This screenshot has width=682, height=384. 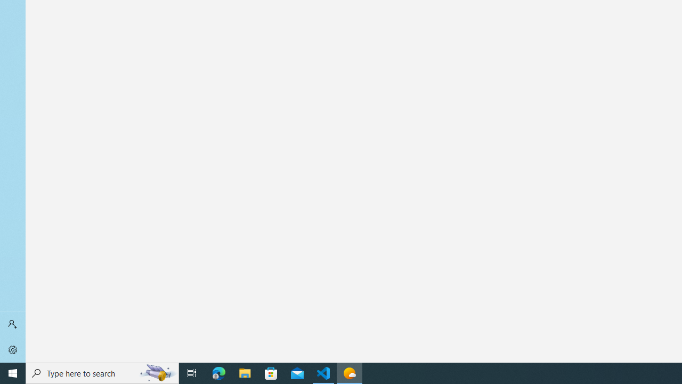 What do you see at coordinates (157, 372) in the screenshot?
I see `'Search highlights icon opens search home window'` at bounding box center [157, 372].